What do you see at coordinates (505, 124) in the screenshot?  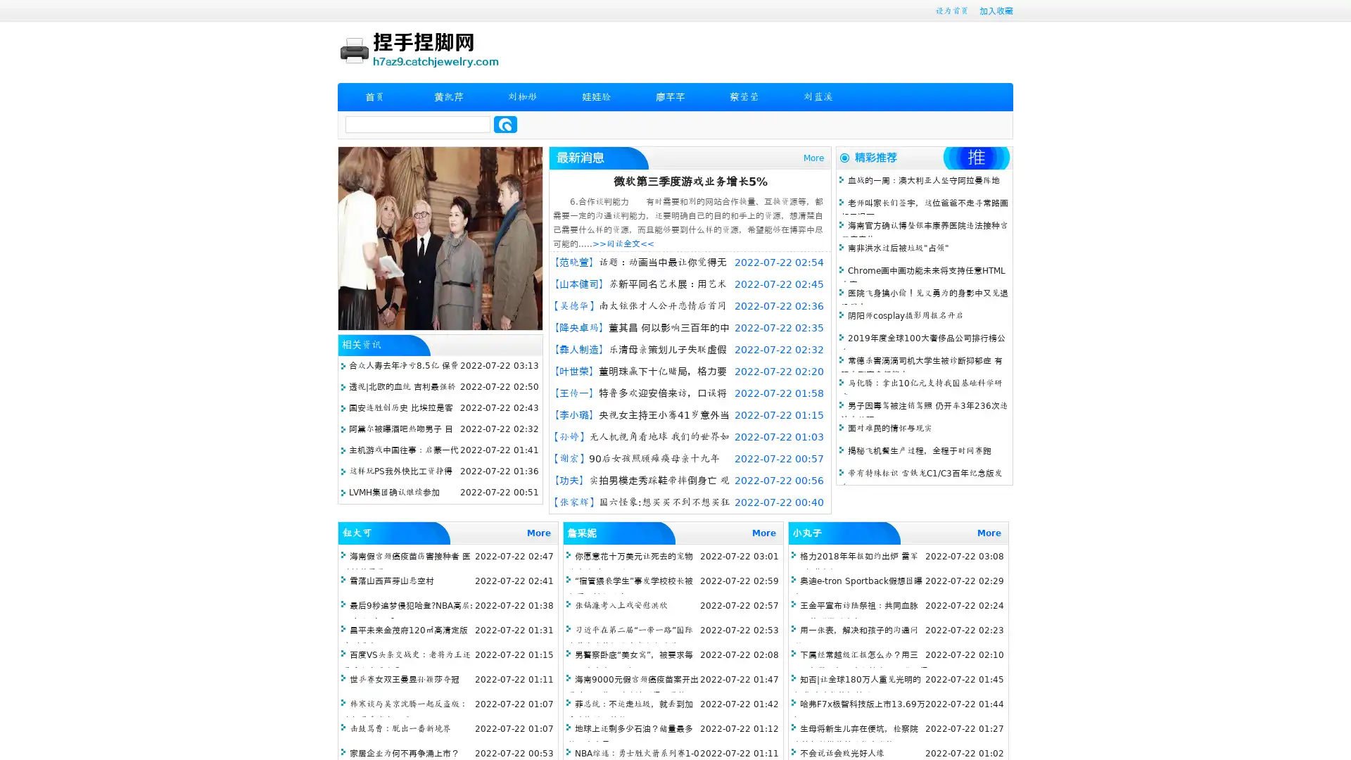 I see `Search` at bounding box center [505, 124].